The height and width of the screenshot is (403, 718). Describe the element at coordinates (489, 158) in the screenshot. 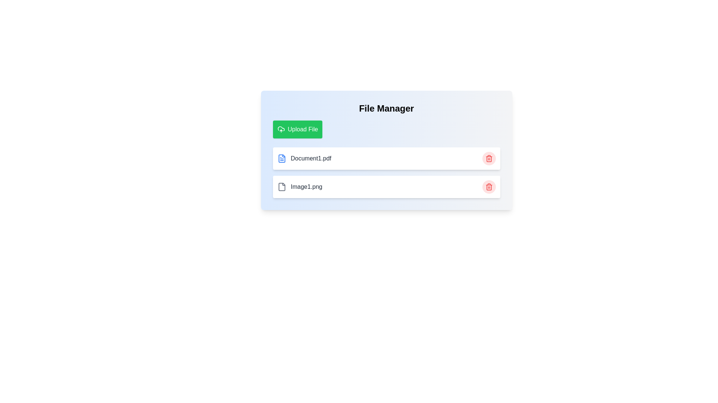

I see `the trash can button with a circular red background located on the right-hand side of the file item labeled 'Document1.pdf'` at that location.